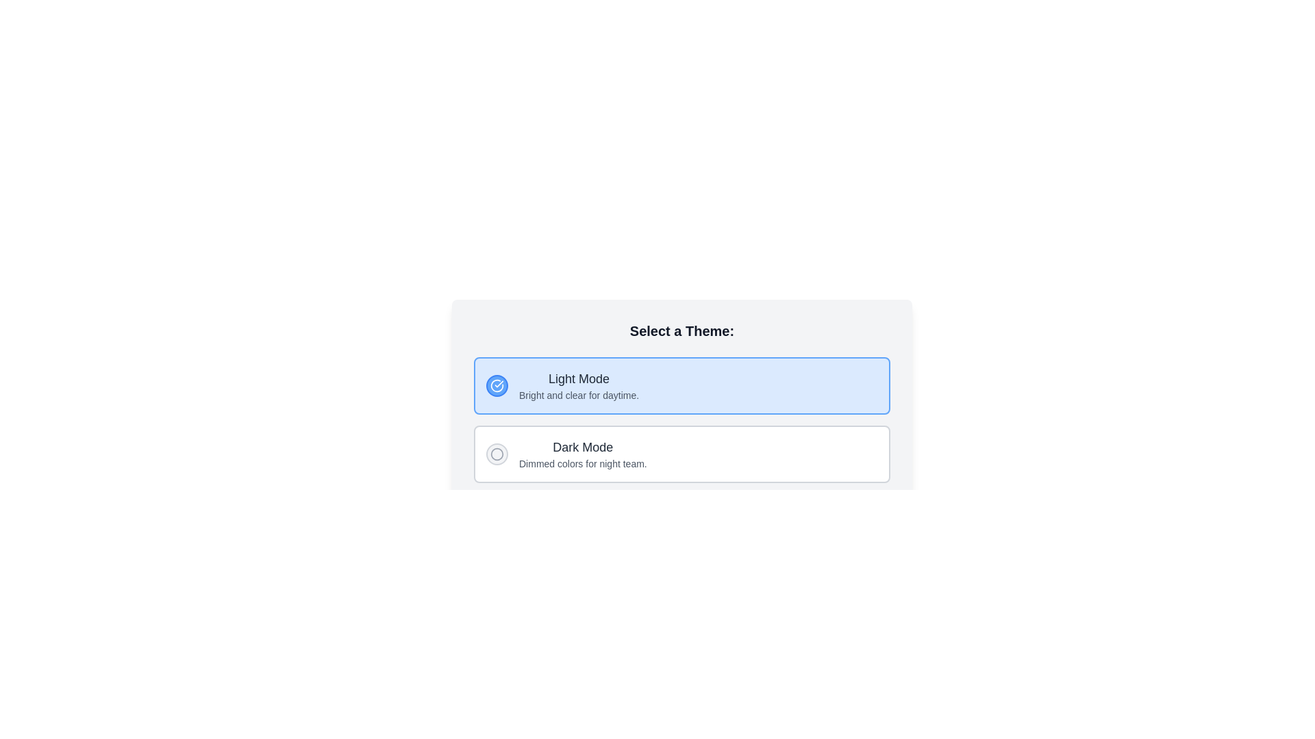  Describe the element at coordinates (583, 463) in the screenshot. I see `the descriptive text label located directly beneath the 'Dark Mode' option, which provides additional context about its function` at that location.